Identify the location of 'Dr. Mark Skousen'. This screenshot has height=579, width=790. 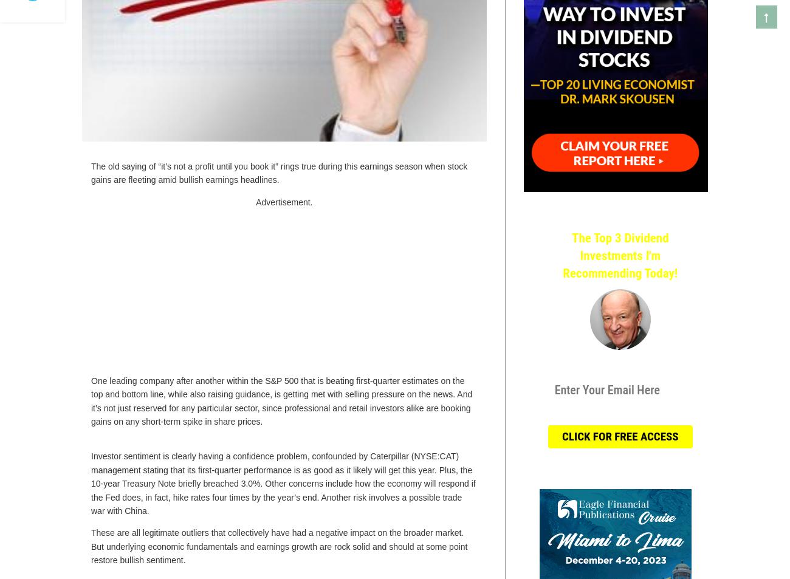
(619, 366).